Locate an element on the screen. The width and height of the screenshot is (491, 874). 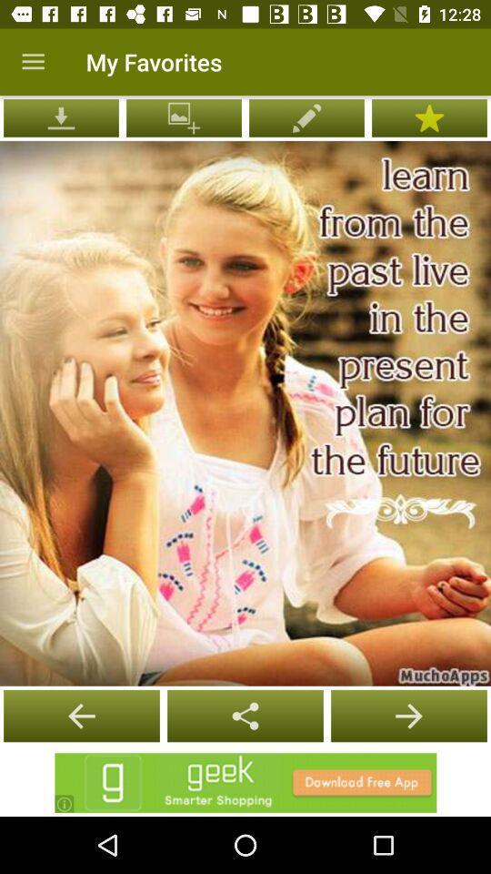
the advertisement is located at coordinates (245, 782).